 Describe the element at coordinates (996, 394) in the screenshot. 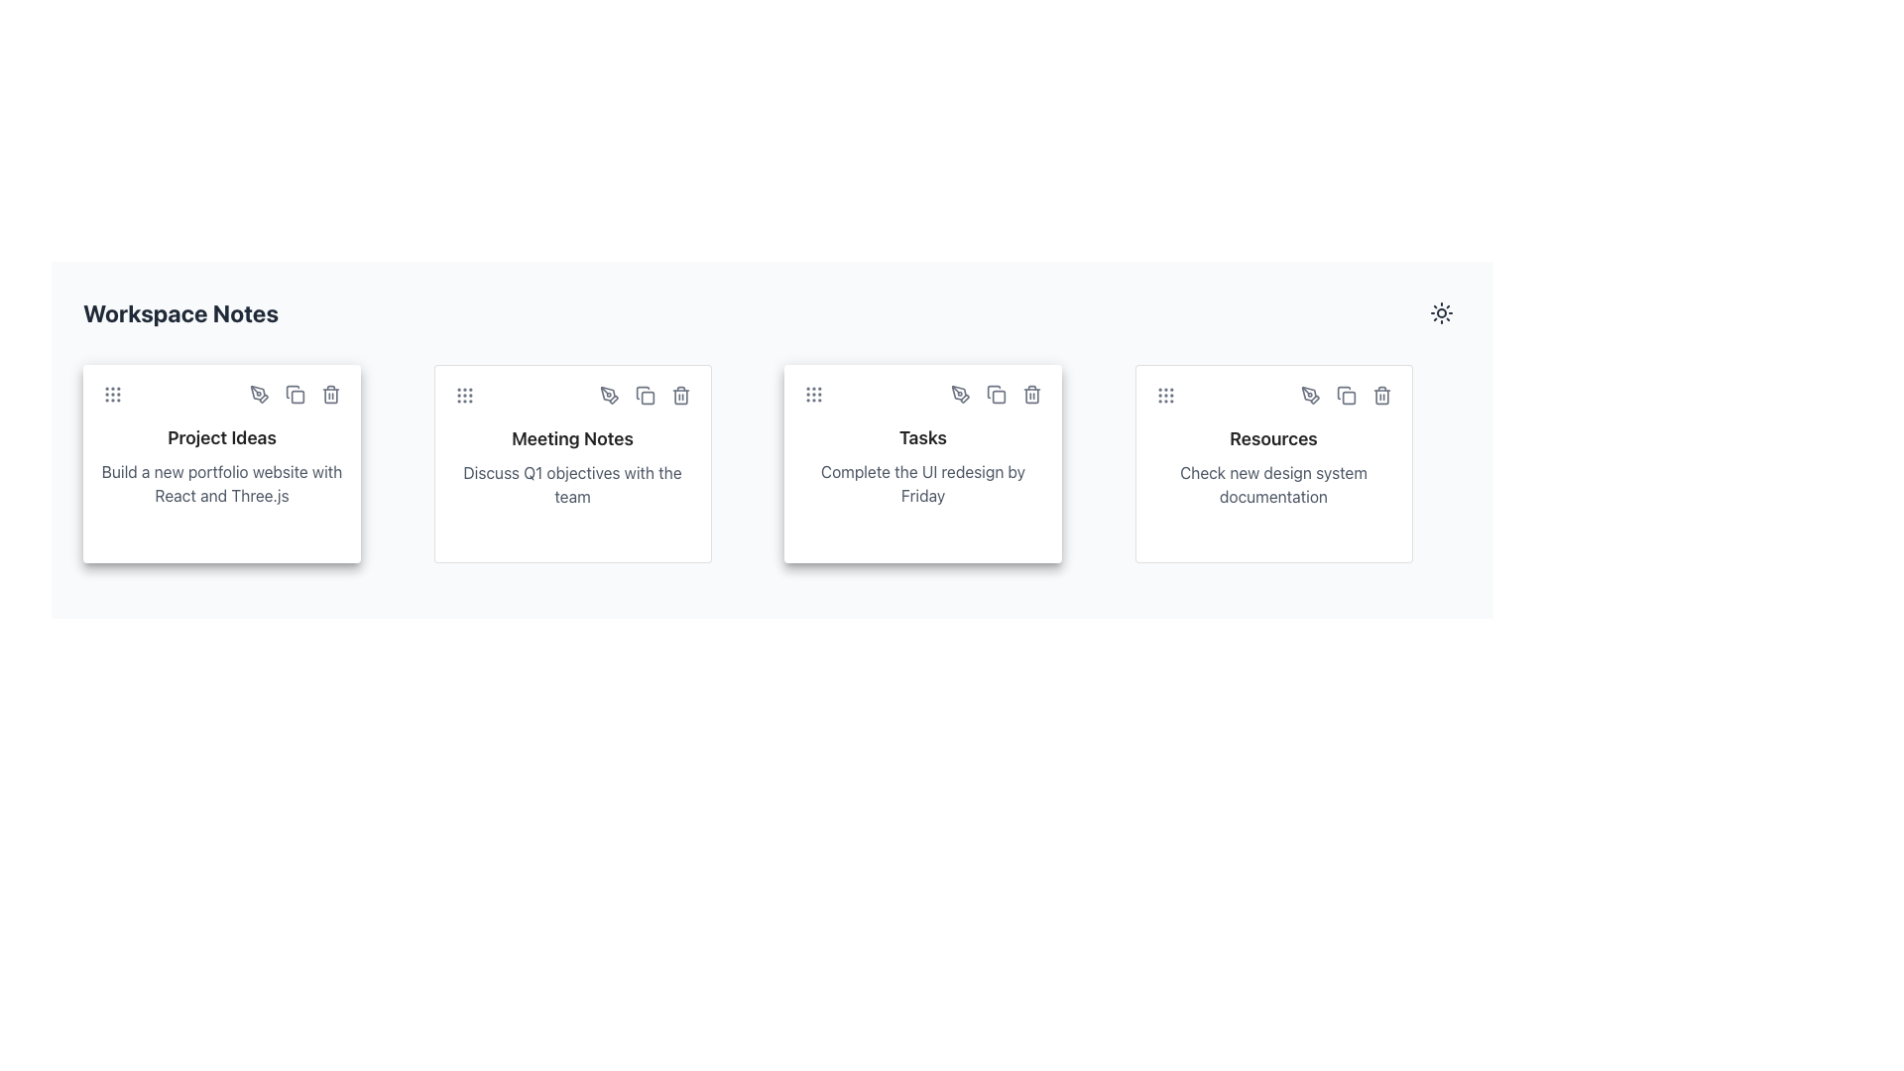

I see `the icon button styled as a square with a rounded hover effect, located in the top-right corner of the 'Tasks' card` at that location.